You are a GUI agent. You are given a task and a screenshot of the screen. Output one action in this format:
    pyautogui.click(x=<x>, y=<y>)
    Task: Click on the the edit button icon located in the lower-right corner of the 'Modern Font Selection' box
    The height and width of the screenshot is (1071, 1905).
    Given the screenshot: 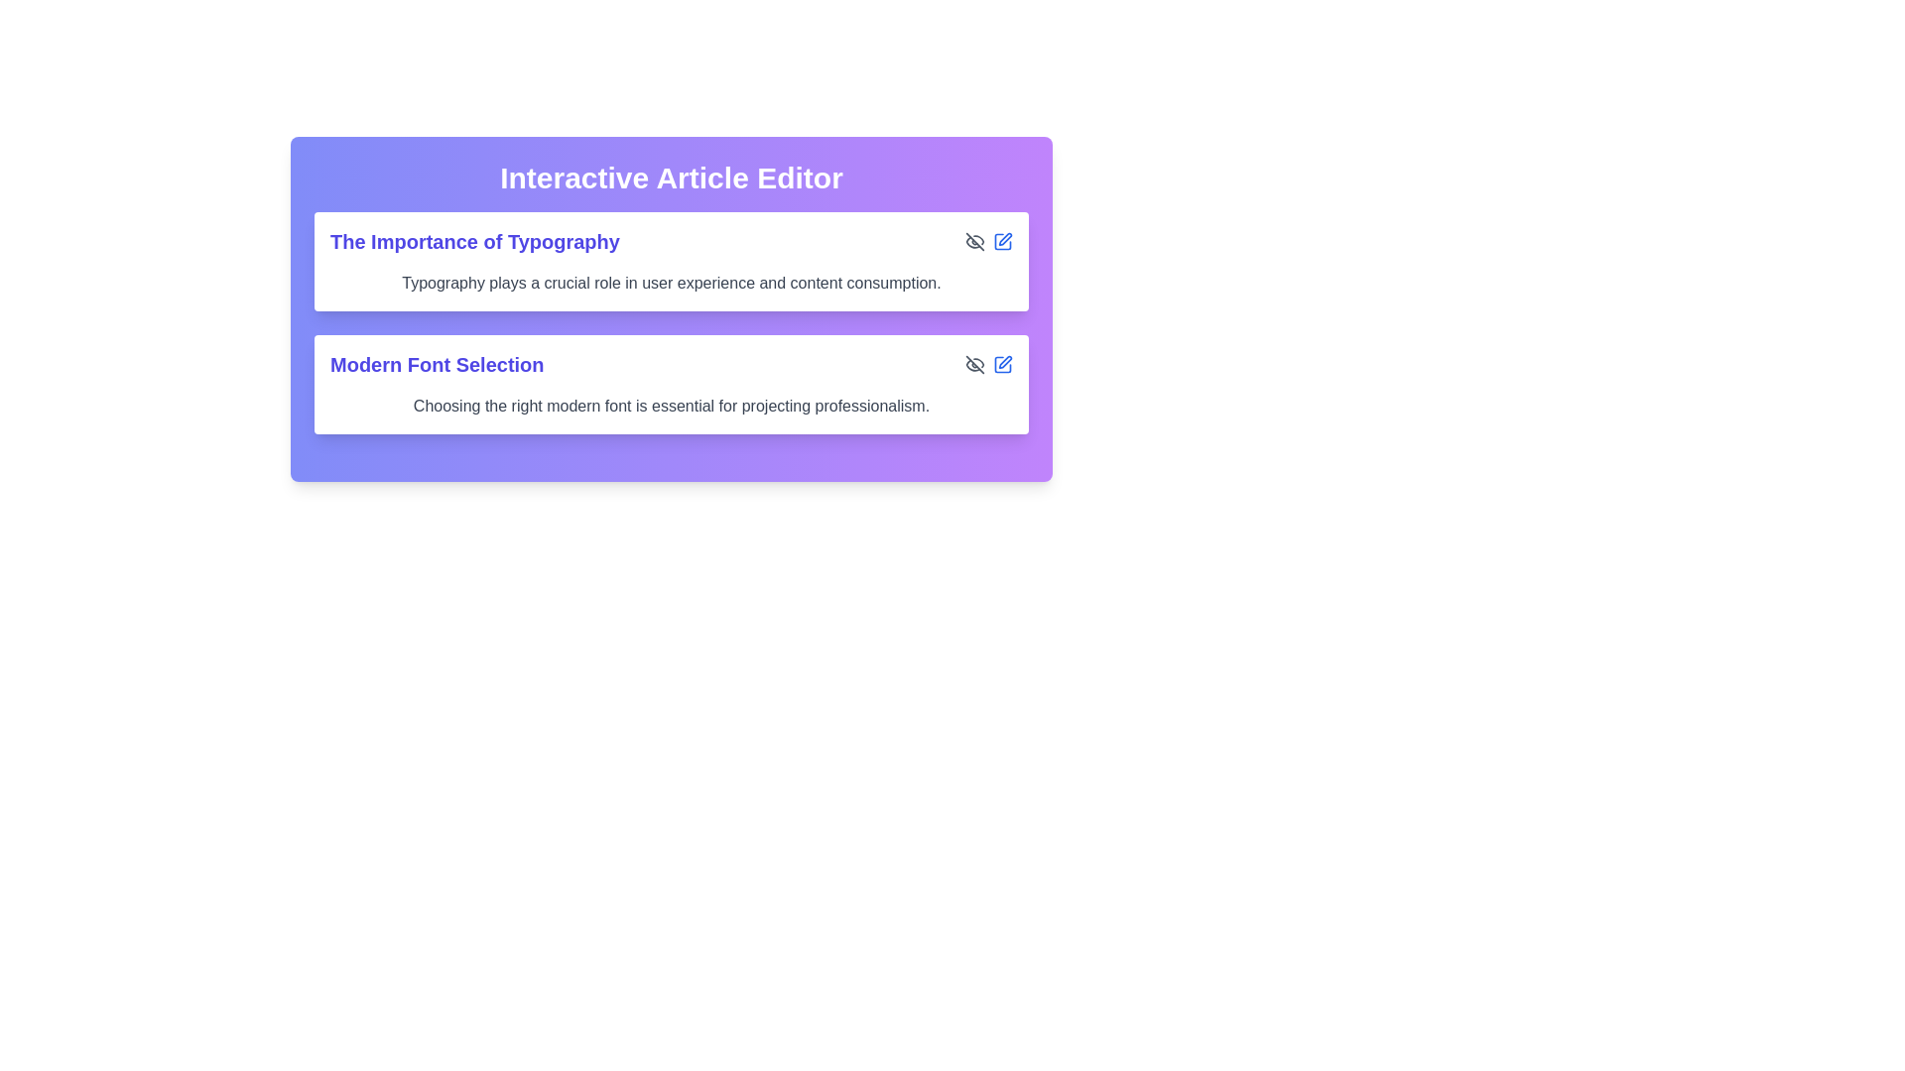 What is the action you would take?
    pyautogui.click(x=1003, y=364)
    